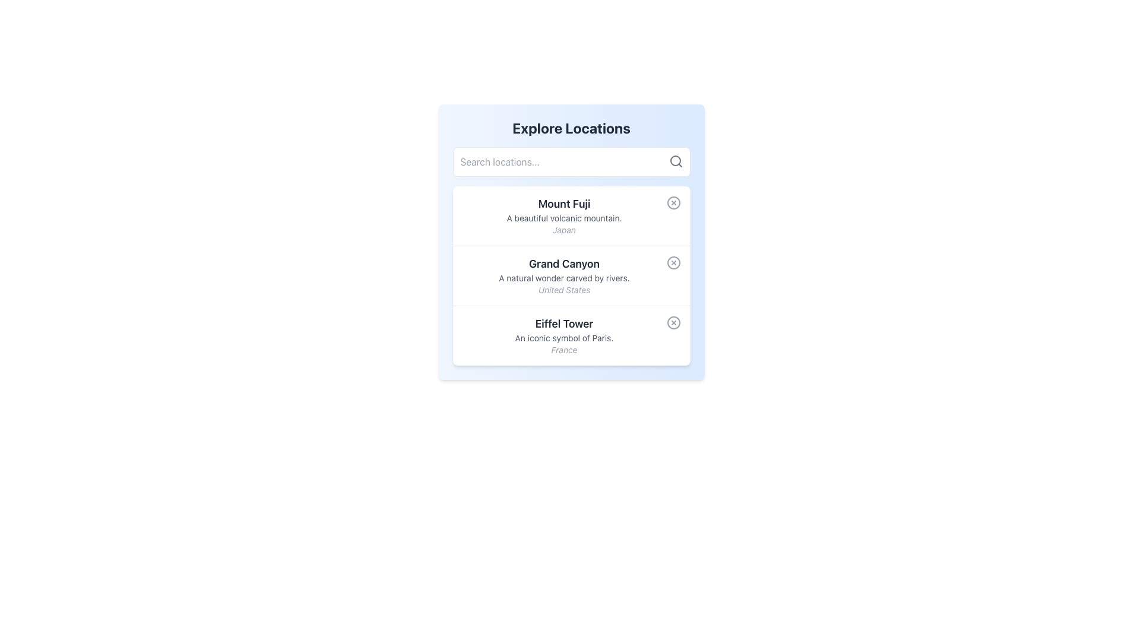 The width and height of the screenshot is (1140, 641). I want to click on the List item displaying 'Mount Fuji', which includes a bold title, a descriptive line, and a location in gray text, so click(563, 215).